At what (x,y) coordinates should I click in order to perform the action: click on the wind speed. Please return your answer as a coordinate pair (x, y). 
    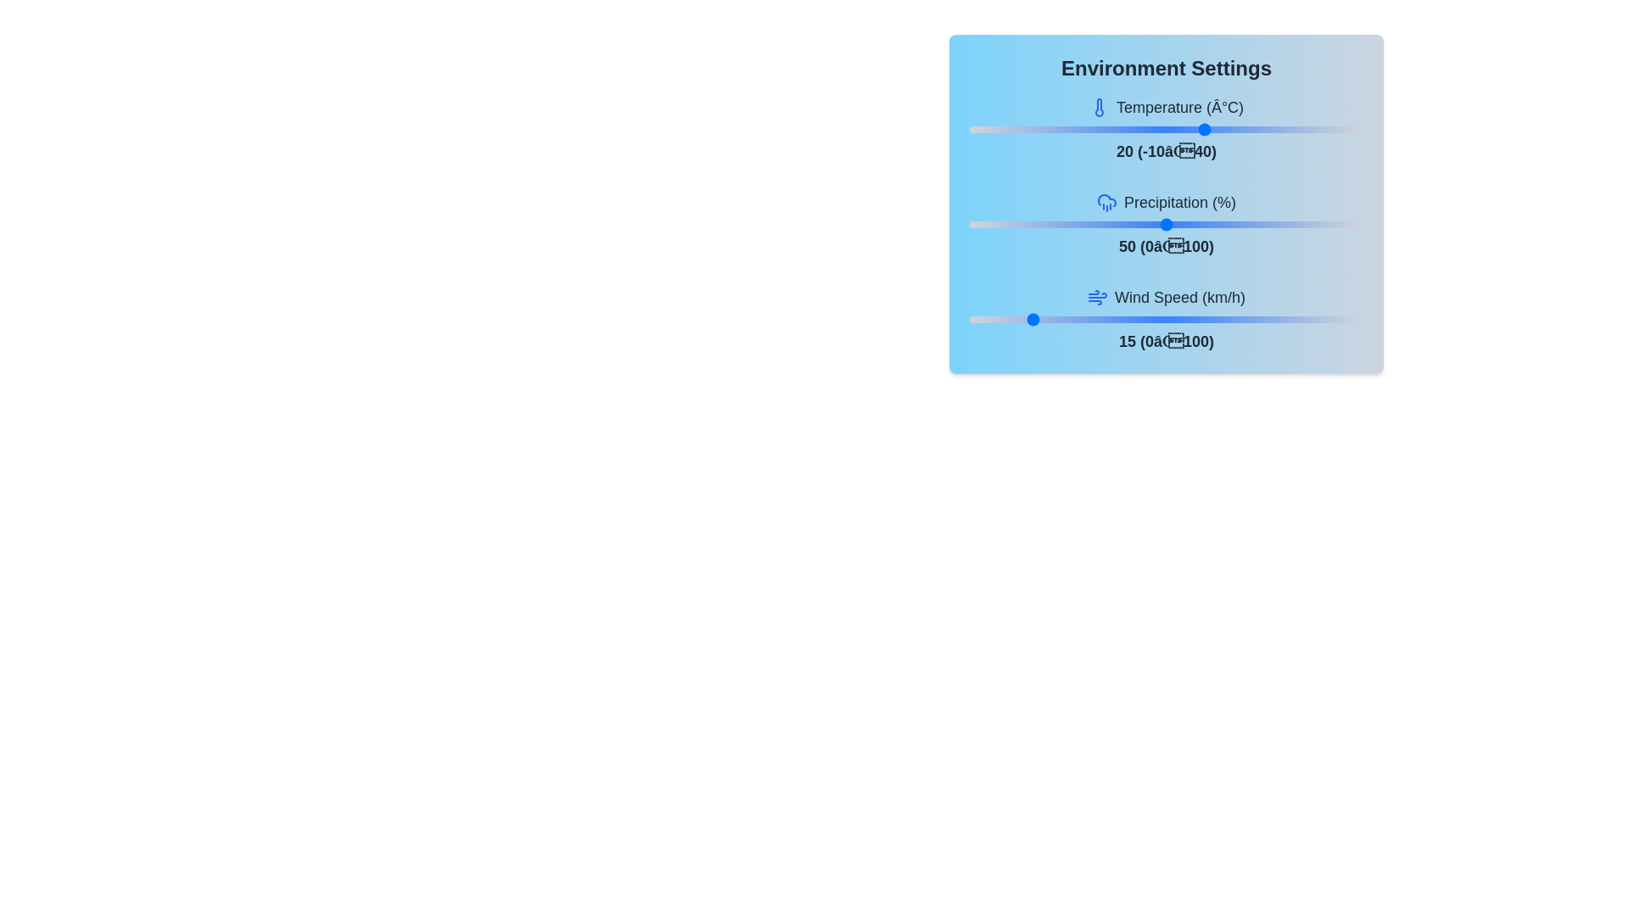
    Looking at the image, I should click on (1173, 320).